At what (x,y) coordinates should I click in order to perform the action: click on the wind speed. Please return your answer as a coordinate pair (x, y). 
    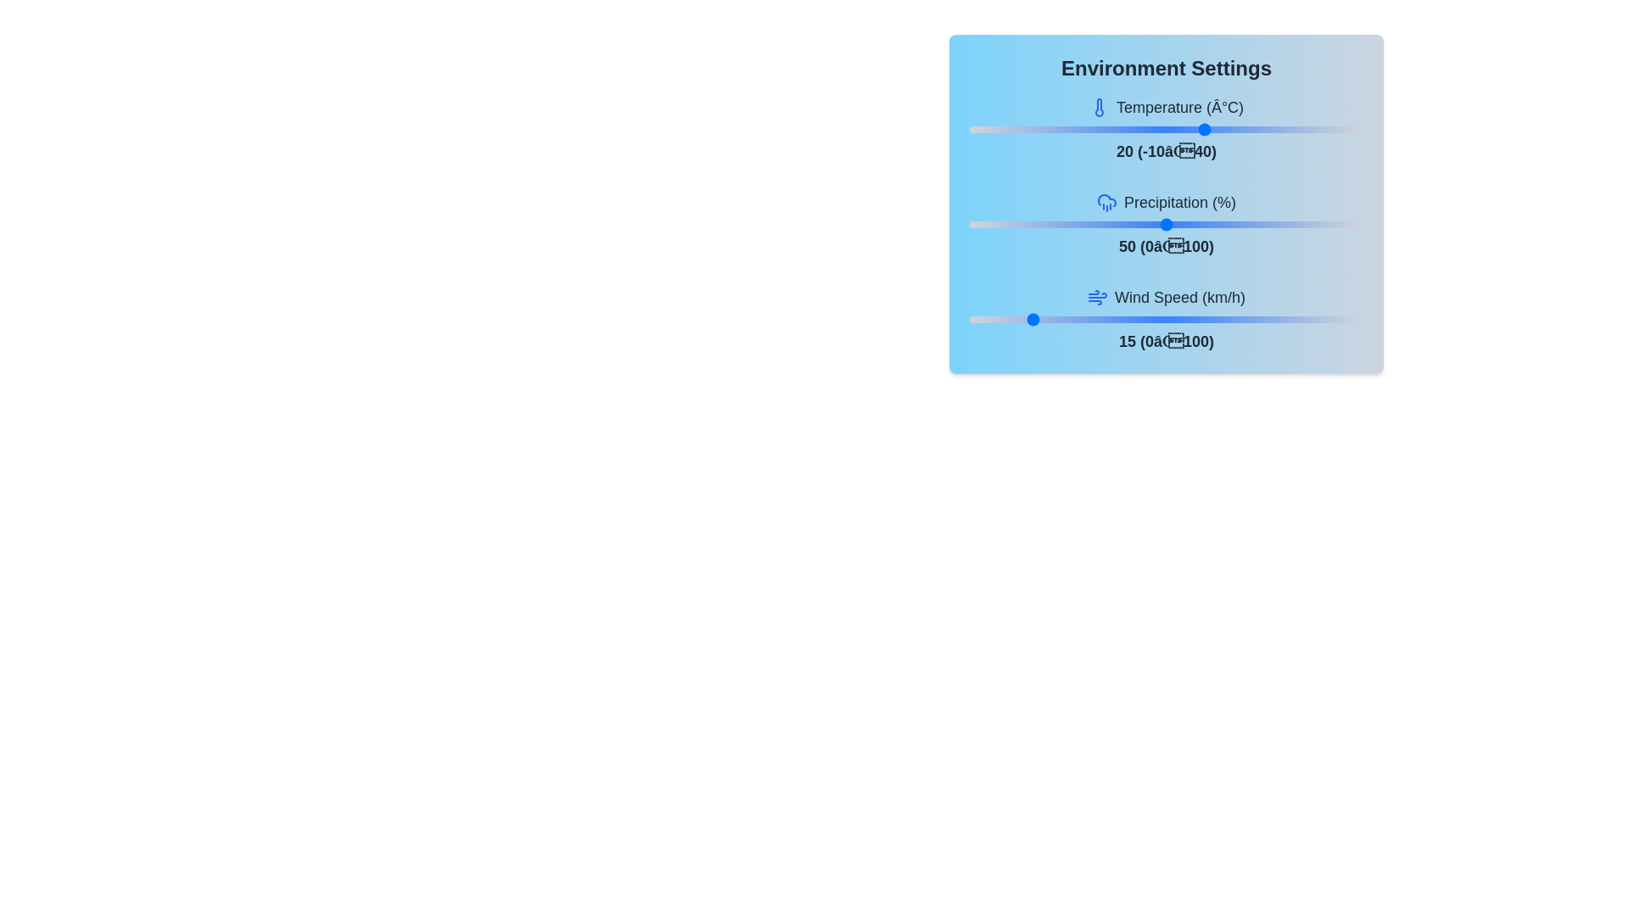
    Looking at the image, I should click on (1173, 320).